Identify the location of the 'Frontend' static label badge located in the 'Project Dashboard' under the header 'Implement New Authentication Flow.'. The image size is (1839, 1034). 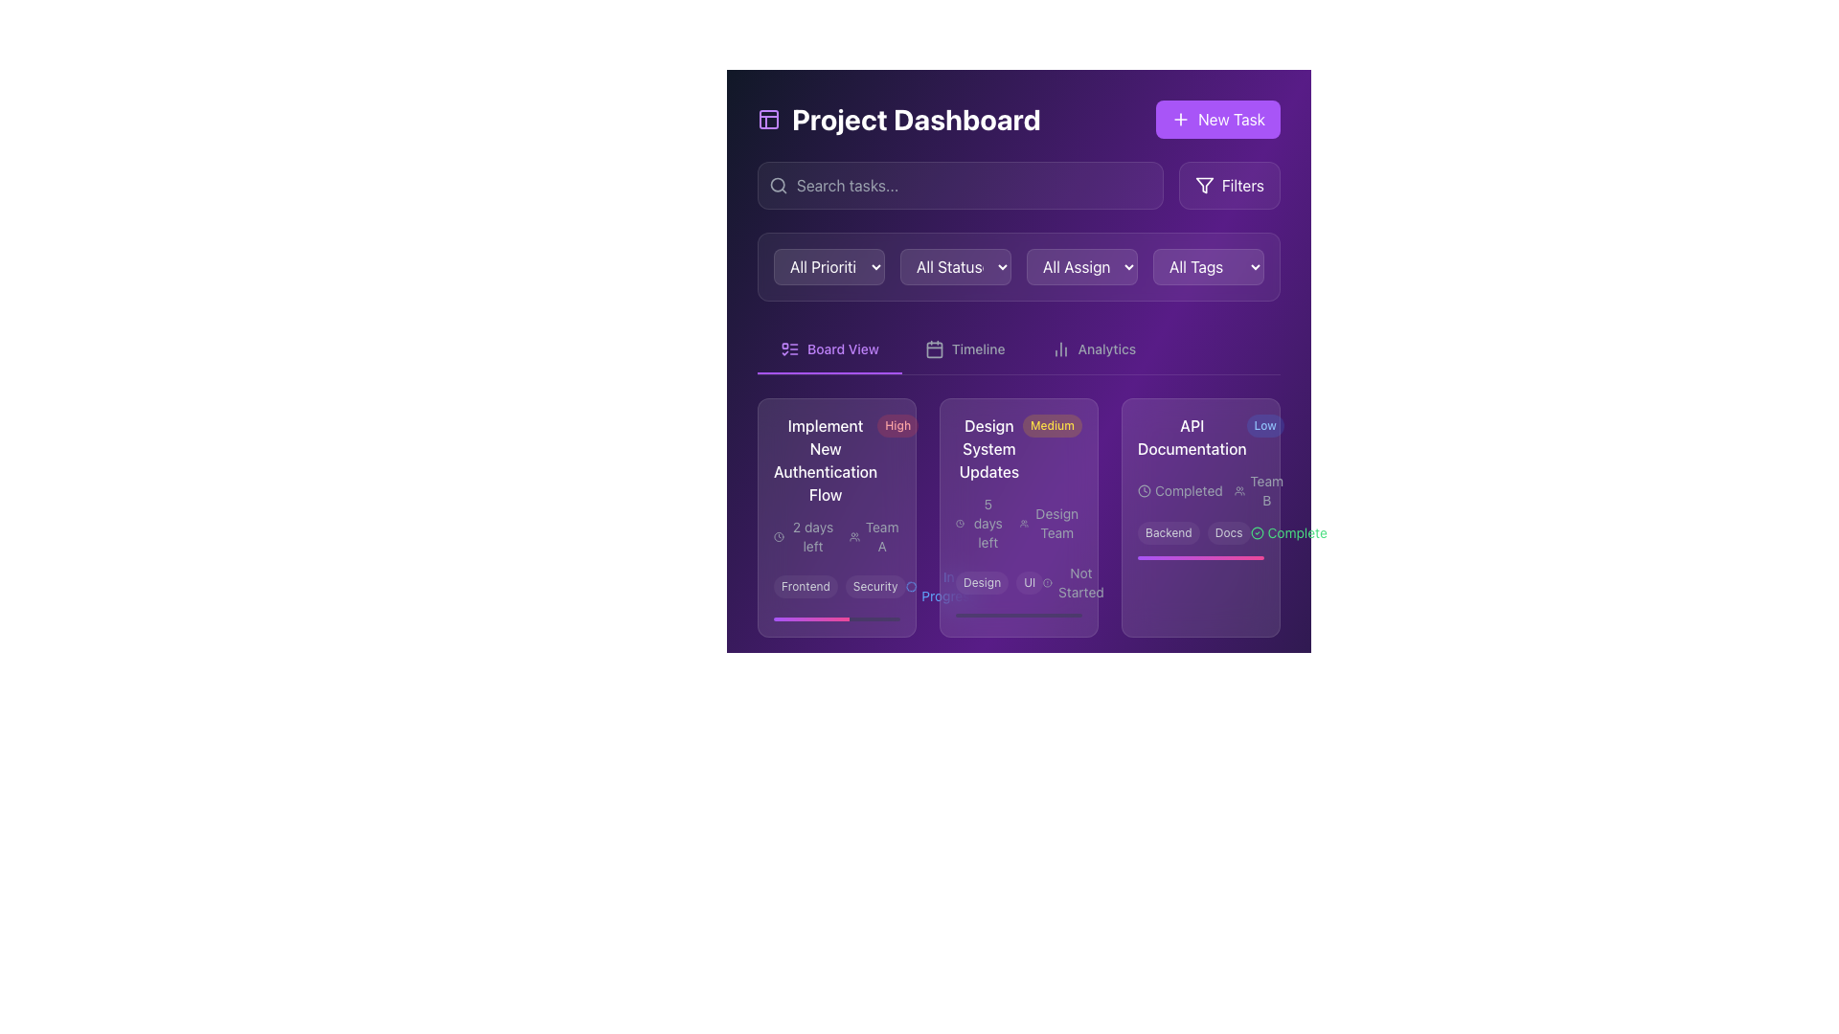
(806, 586).